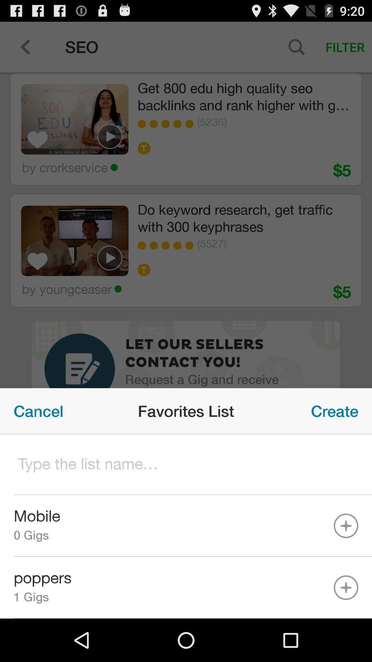  What do you see at coordinates (38, 411) in the screenshot?
I see `icon next to favorites list icon` at bounding box center [38, 411].